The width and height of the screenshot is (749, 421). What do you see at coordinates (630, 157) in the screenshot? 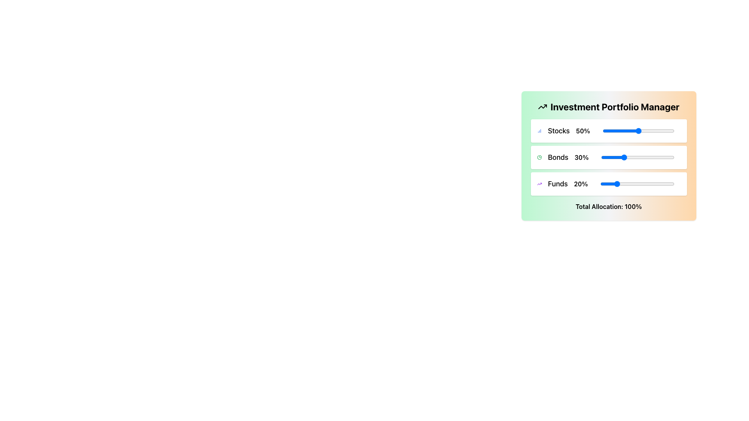
I see `the Bonds slider value` at bounding box center [630, 157].